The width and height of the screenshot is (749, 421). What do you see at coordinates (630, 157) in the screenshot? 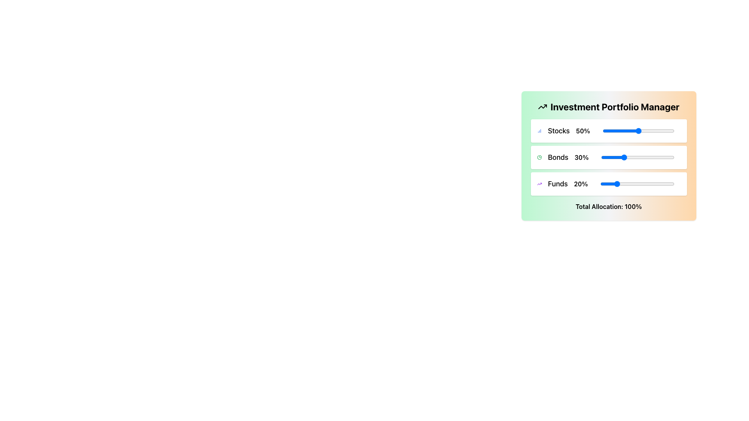
I see `the Bonds slider value` at bounding box center [630, 157].